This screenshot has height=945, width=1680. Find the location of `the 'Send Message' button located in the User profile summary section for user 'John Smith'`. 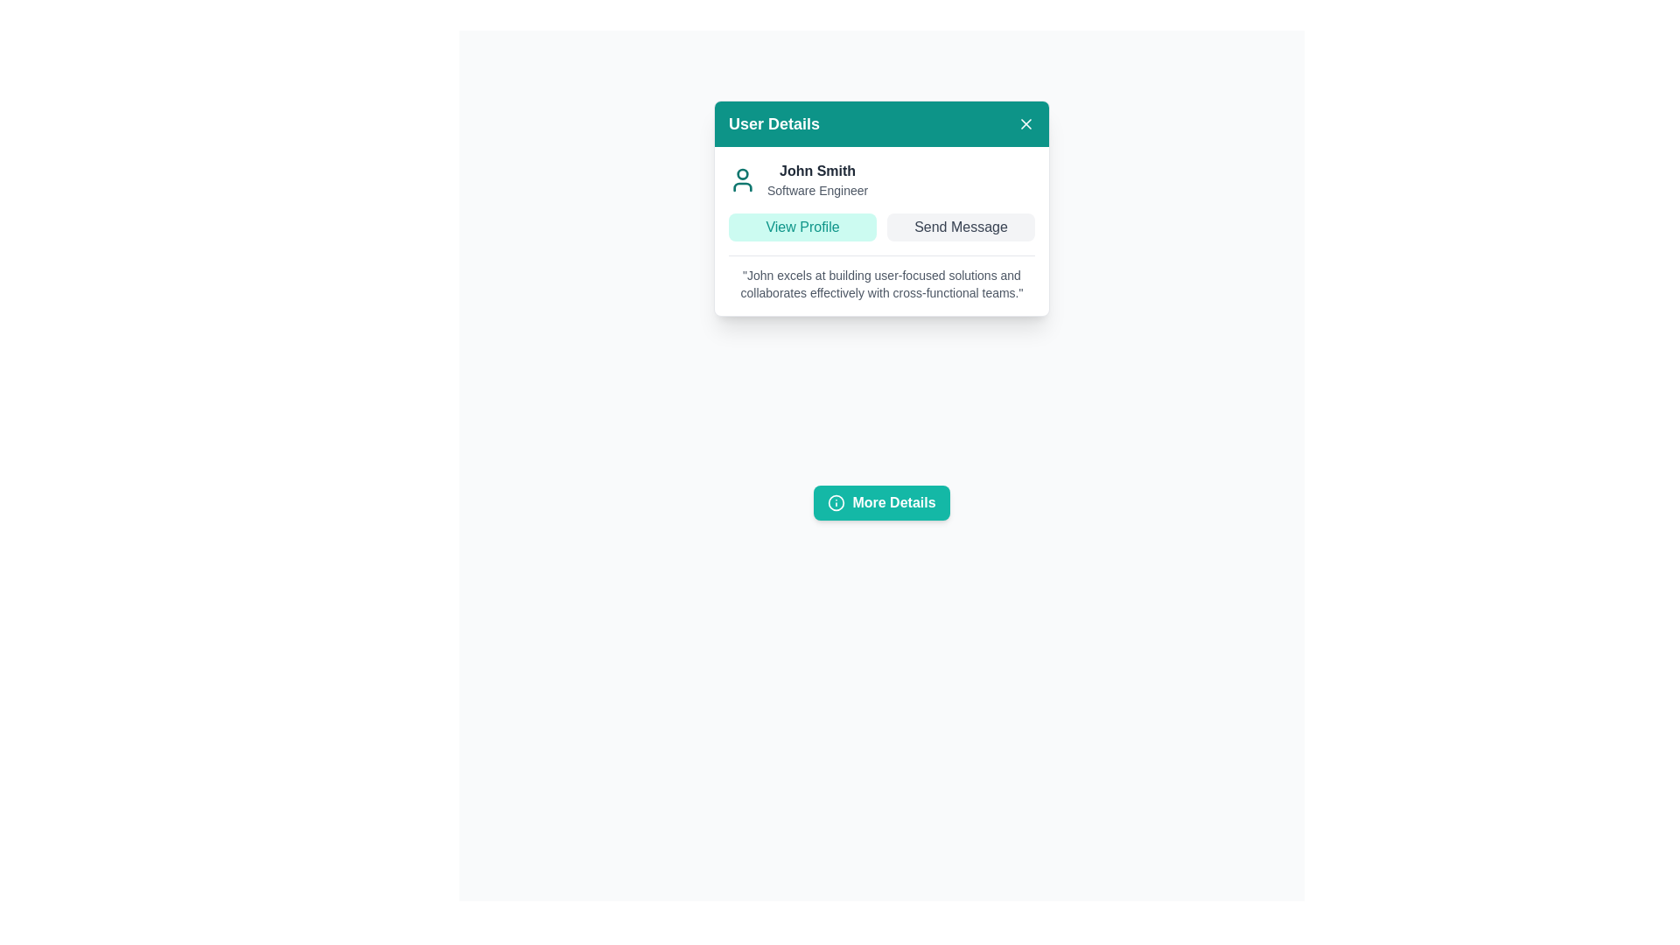

the 'Send Message' button located in the User profile summary section for user 'John Smith' is located at coordinates (882, 229).